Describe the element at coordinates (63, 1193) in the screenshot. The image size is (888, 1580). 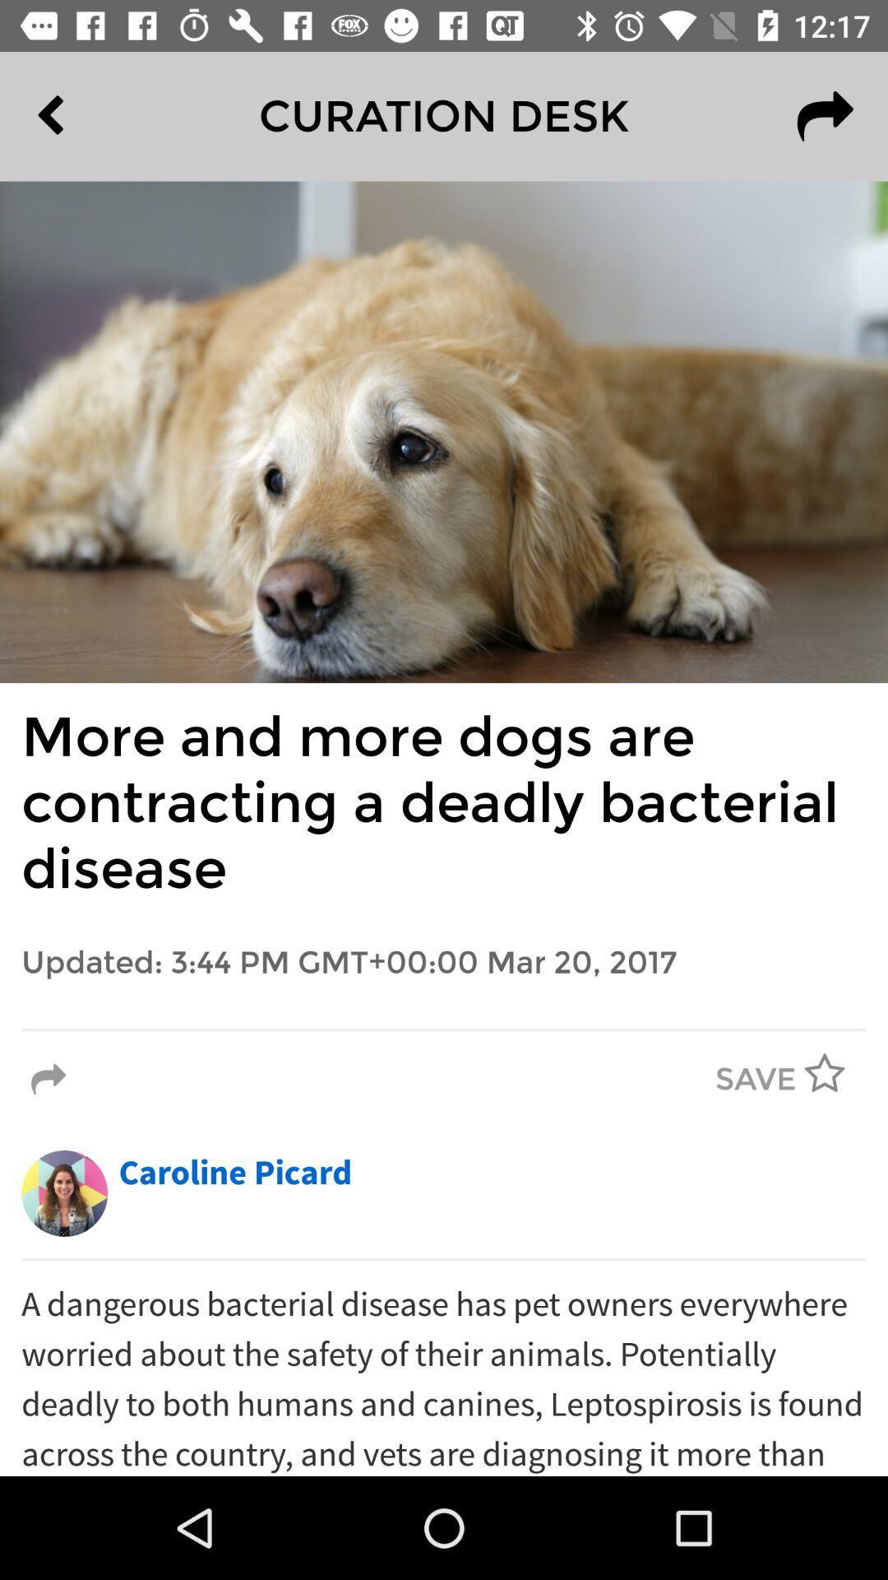
I see `the item next to the caroline picard` at that location.